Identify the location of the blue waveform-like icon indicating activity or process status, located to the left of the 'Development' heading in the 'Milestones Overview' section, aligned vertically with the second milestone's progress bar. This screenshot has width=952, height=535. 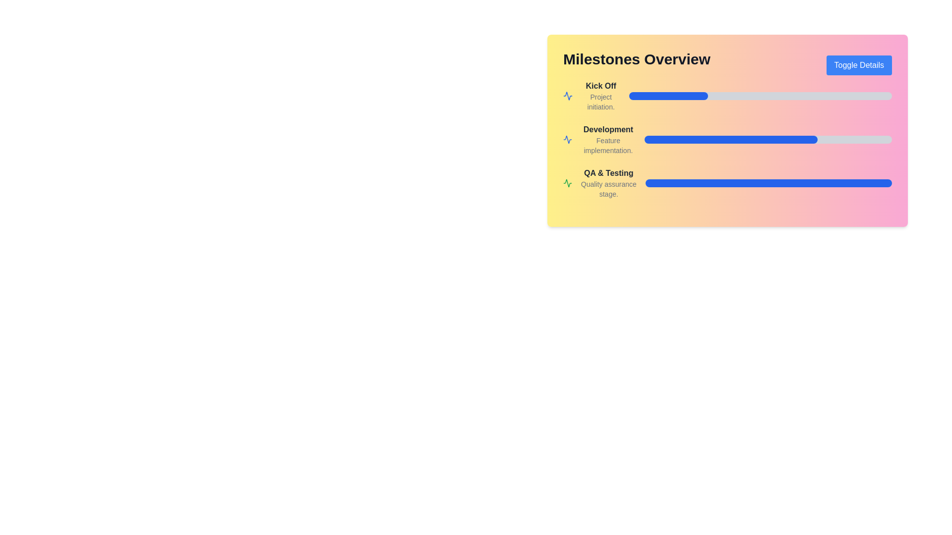
(568, 96).